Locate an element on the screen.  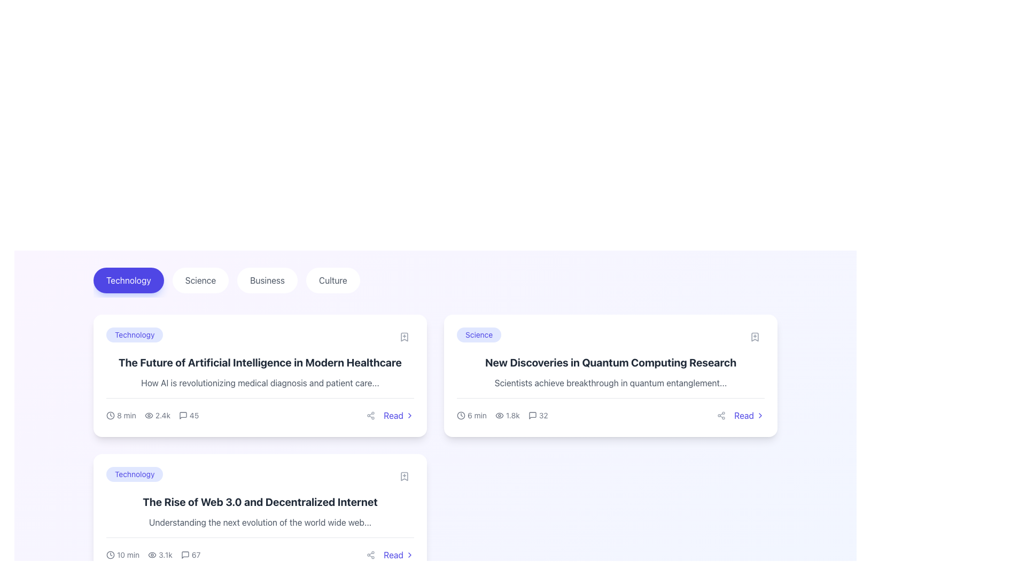
the rounded rectangular Tag Label with a light indigo background and deep indigo text that displays 'Technology', positioned inside the second card in a vertical list of cards is located at coordinates (134, 473).